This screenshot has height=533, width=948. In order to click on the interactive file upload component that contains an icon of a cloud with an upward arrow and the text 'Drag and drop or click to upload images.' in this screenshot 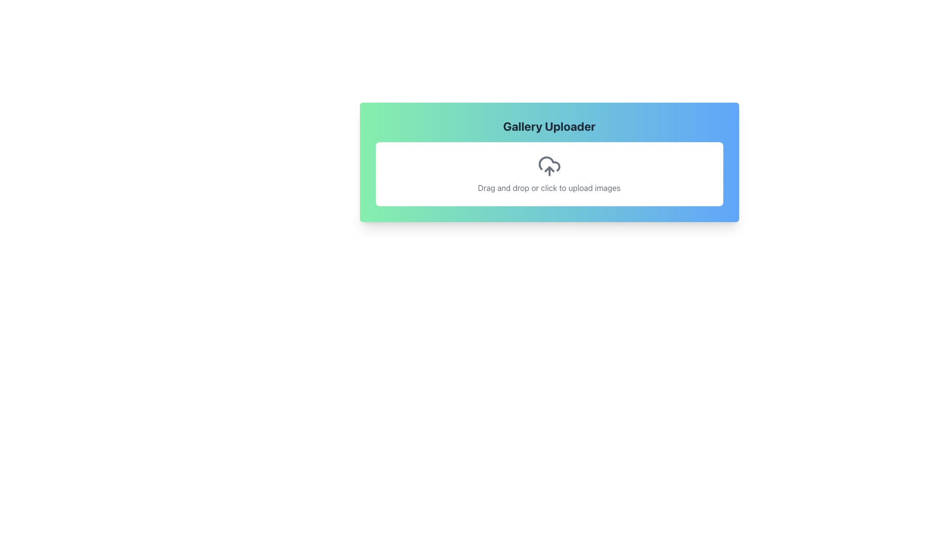, I will do `click(549, 174)`.